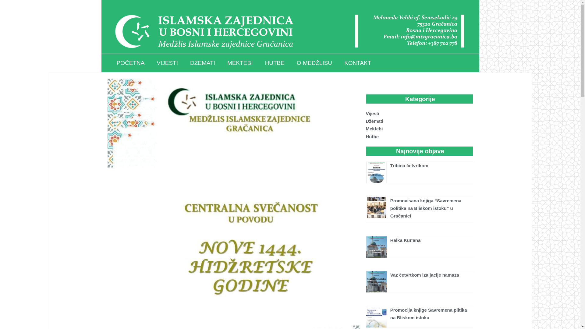 The width and height of the screenshot is (585, 329). Describe the element at coordinates (419, 113) in the screenshot. I see `'Vijesti'` at that location.